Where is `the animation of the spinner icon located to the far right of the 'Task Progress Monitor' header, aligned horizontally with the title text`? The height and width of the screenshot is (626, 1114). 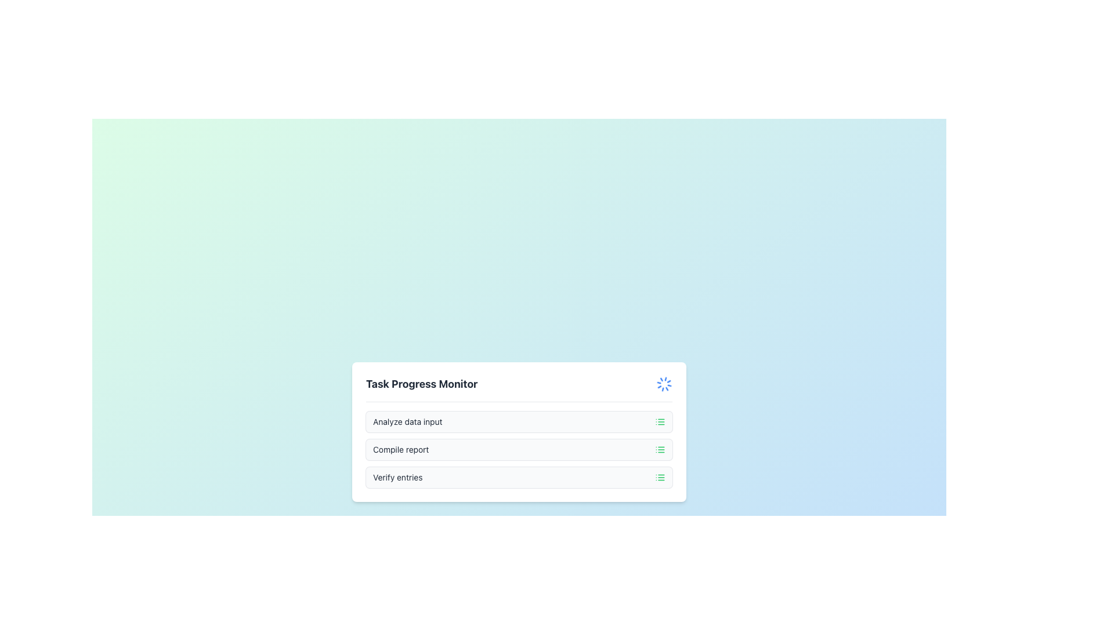
the animation of the spinner icon located to the far right of the 'Task Progress Monitor' header, aligned horizontally with the title text is located at coordinates (664, 384).